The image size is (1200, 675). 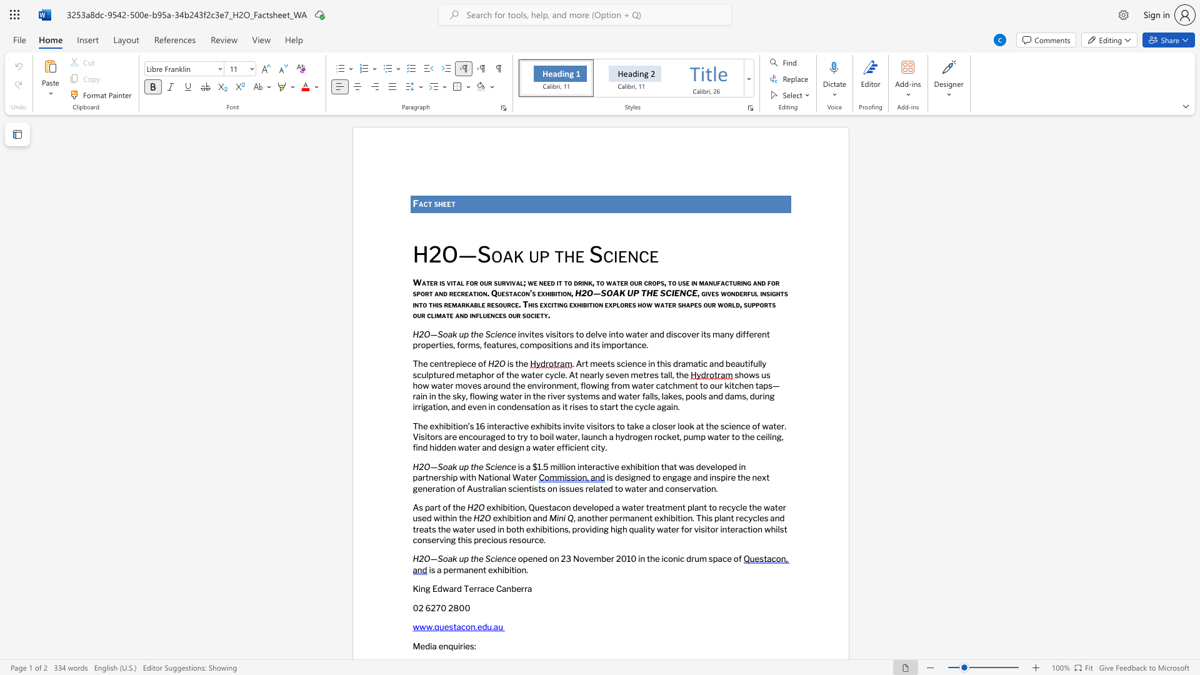 I want to click on the subset text "tion" within the text "exhibition and", so click(x=516, y=518).